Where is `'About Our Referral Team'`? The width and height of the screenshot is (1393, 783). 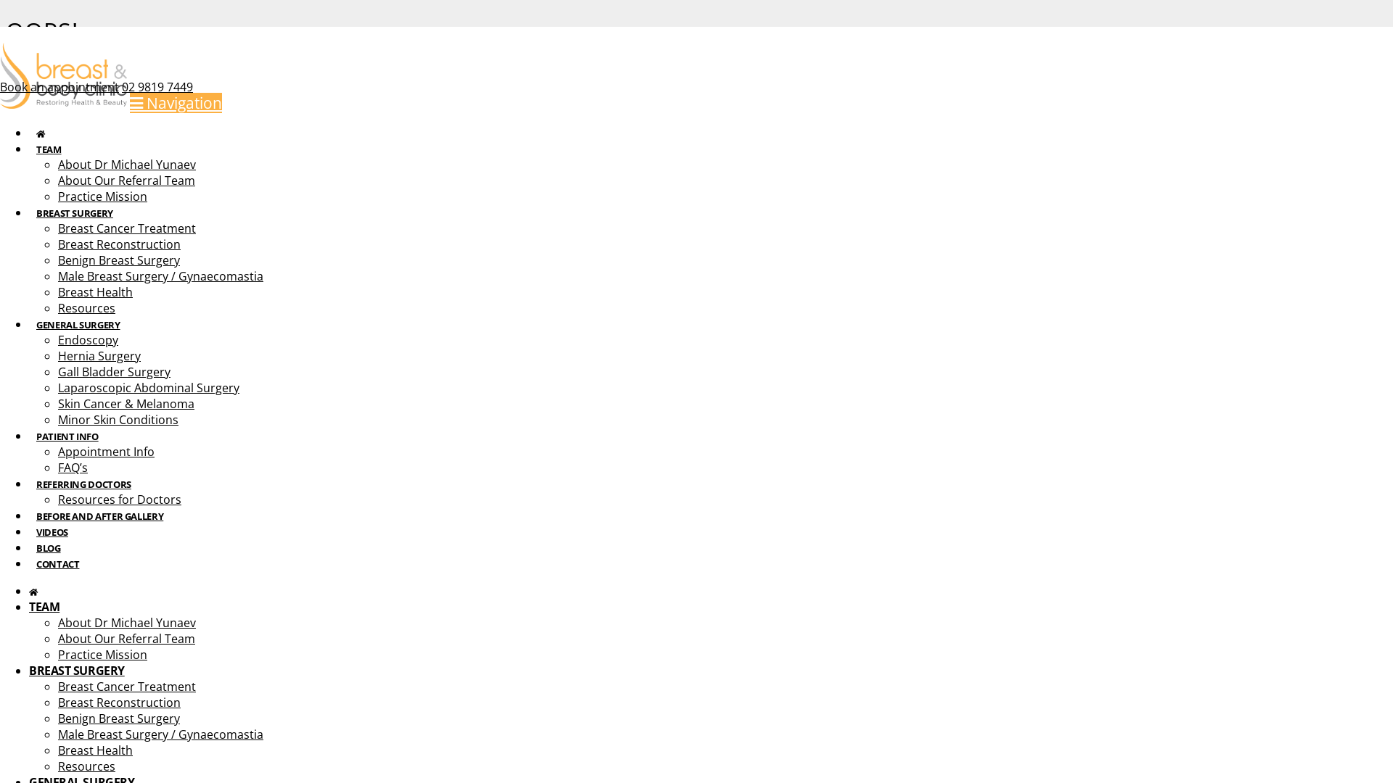
'About Our Referral Team' is located at coordinates (58, 637).